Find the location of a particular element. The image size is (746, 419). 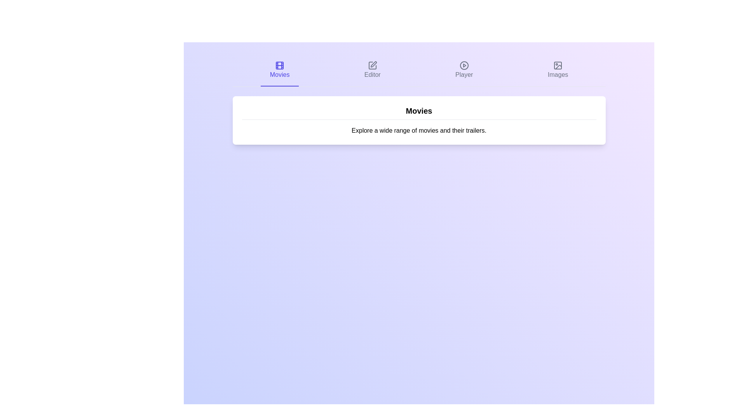

the Player tab by clicking on it is located at coordinates (464, 70).